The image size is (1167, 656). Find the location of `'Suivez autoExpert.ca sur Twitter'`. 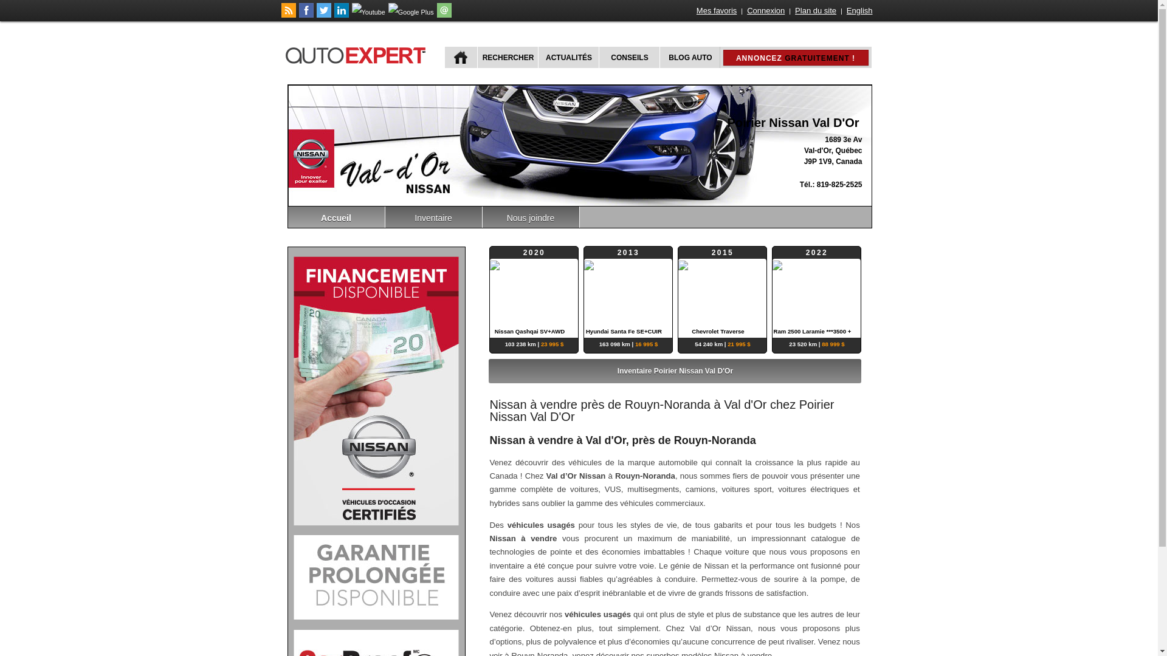

'Suivez autoExpert.ca sur Twitter' is located at coordinates (323, 15).